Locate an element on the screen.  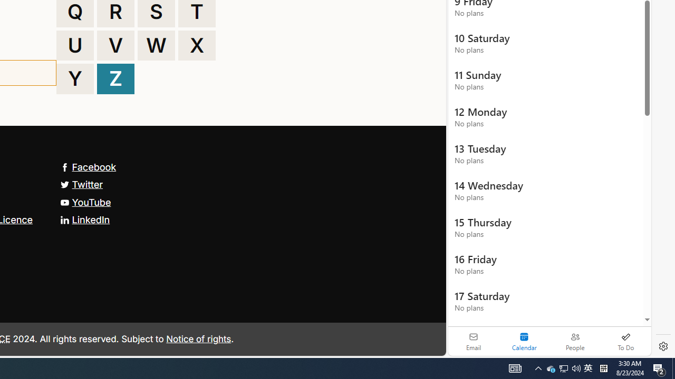
'Z' is located at coordinates (115, 78).